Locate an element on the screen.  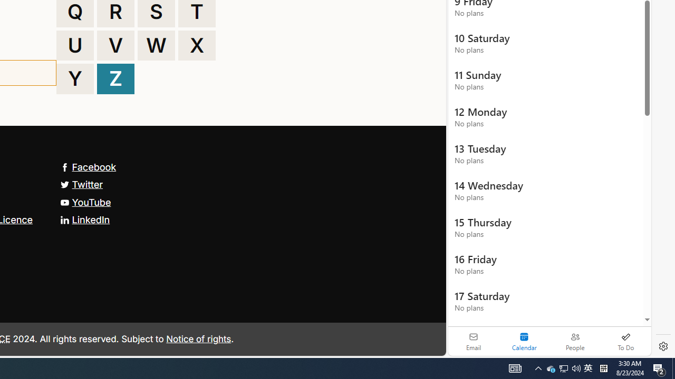
'Z' is located at coordinates (115, 78).